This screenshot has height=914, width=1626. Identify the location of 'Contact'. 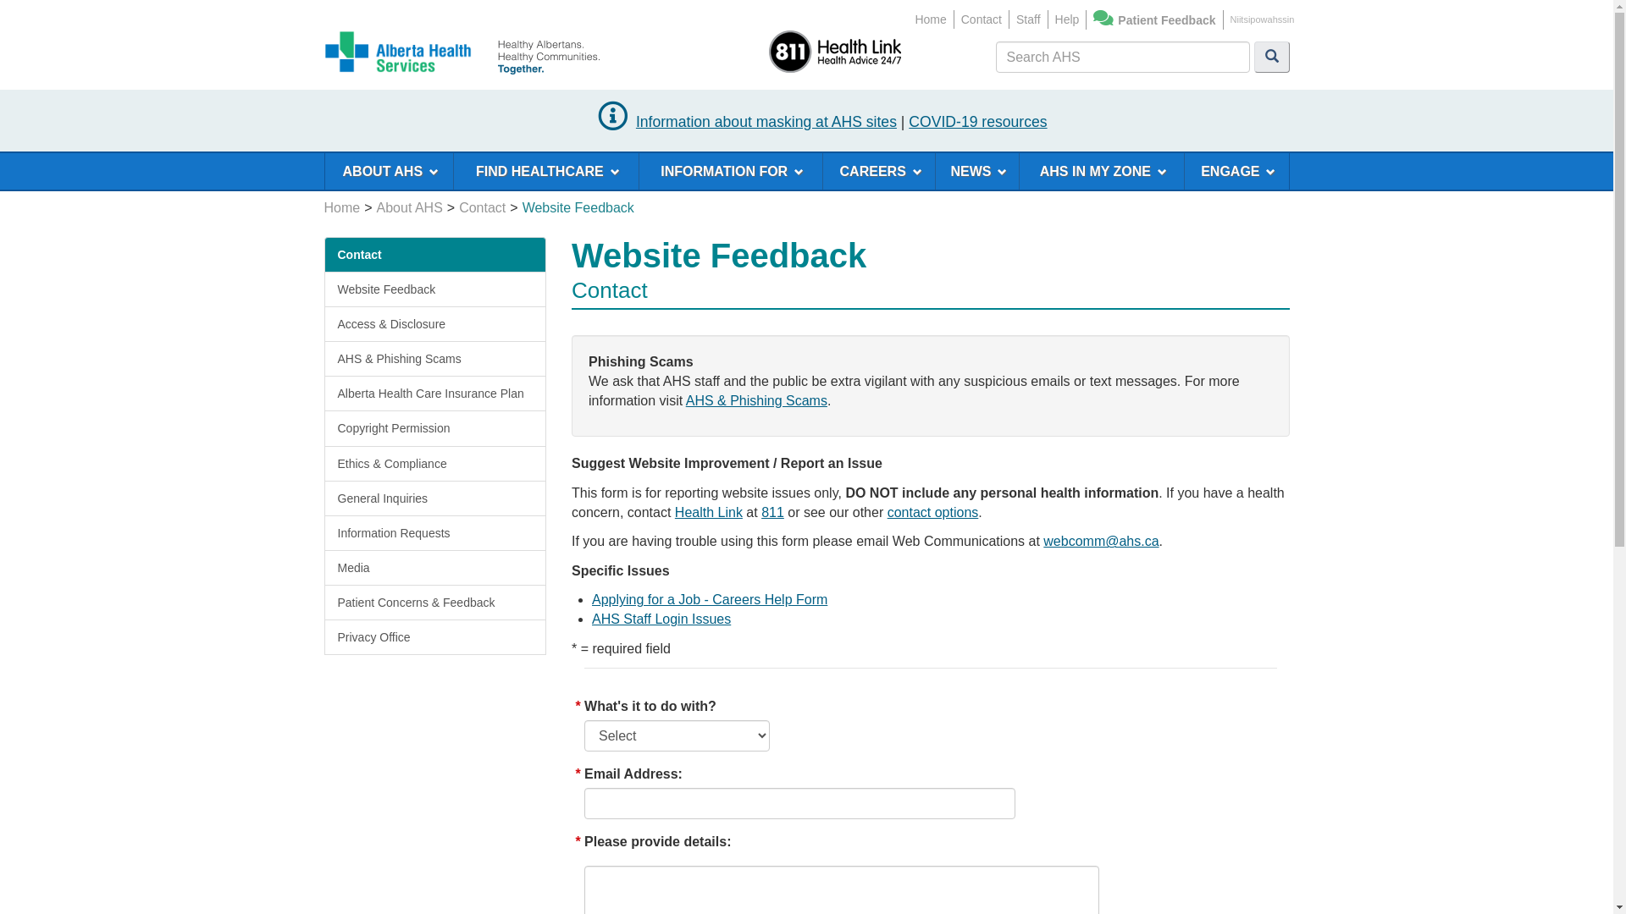
(960, 19).